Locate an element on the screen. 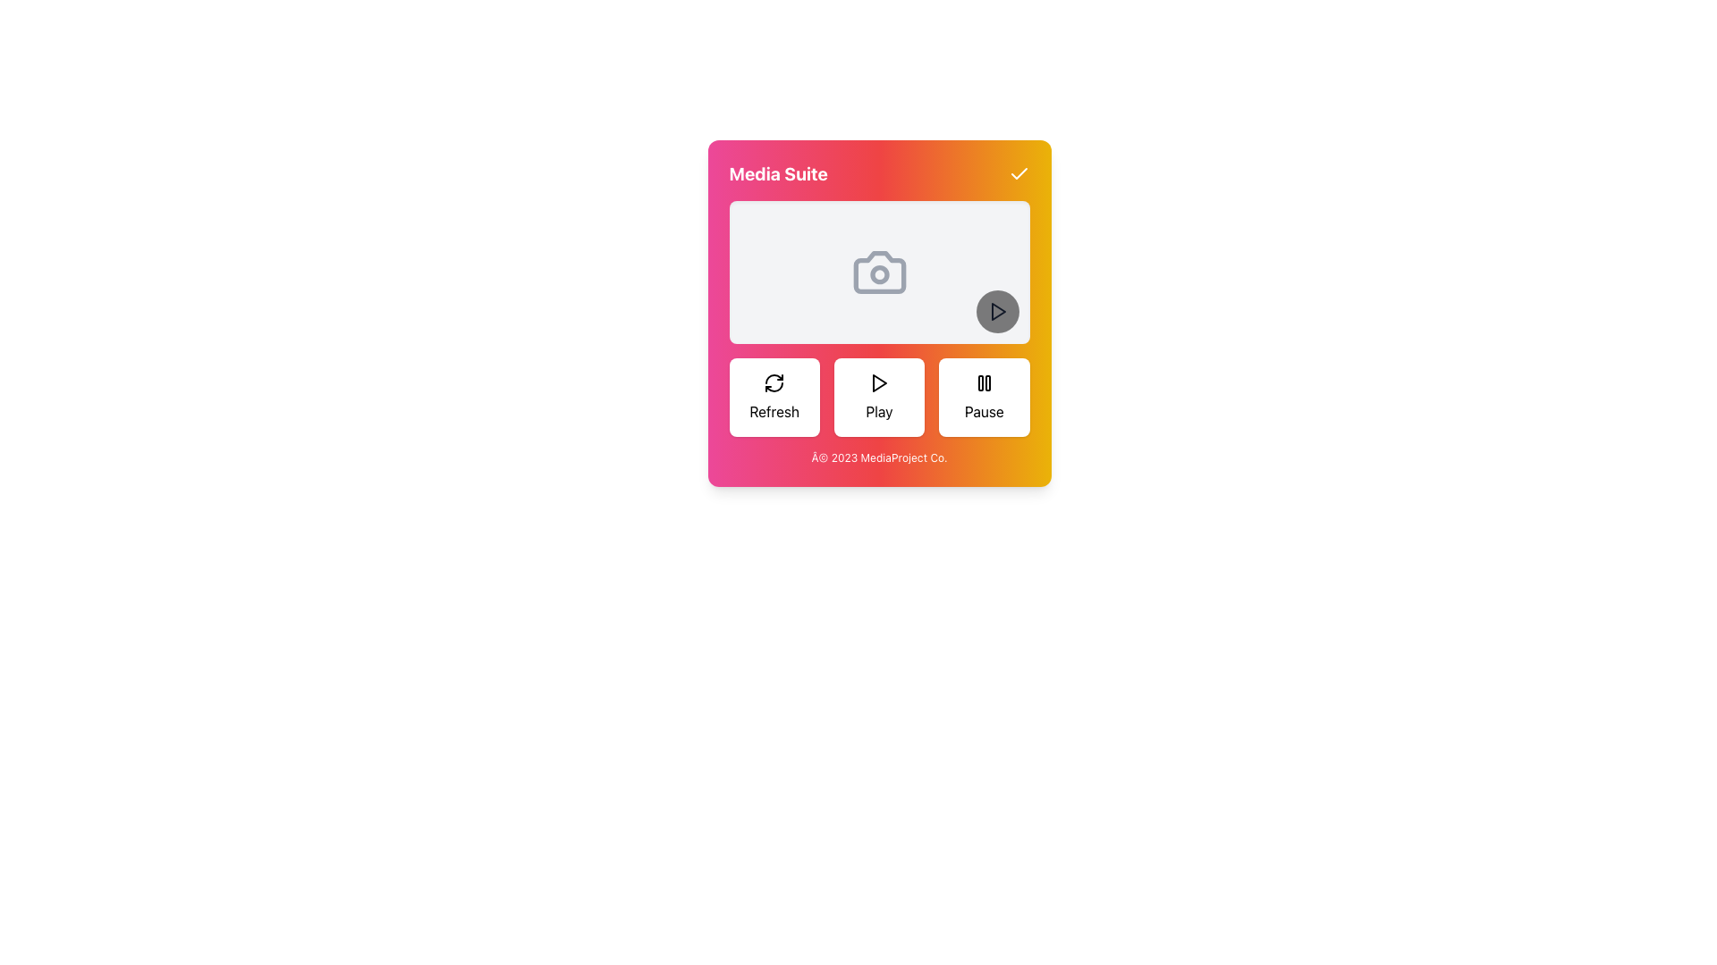  the triangular play icon outlined in black, which is located inside the white rounded button labeled 'Play' in the central panel of the interface is located at coordinates (879, 382).